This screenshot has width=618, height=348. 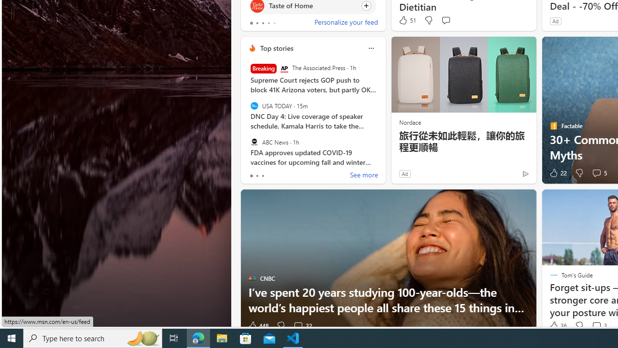 I want to click on '51 Like', so click(x=407, y=20).